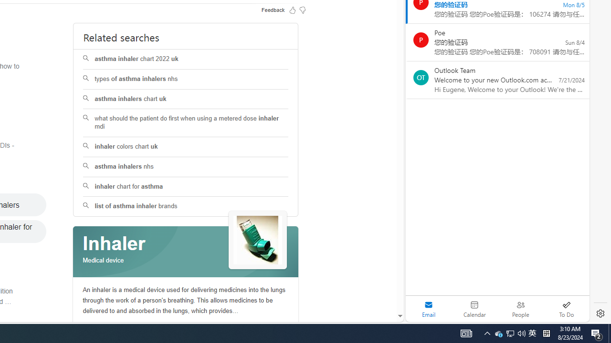 Image resolution: width=611 pixels, height=343 pixels. Describe the element at coordinates (186, 79) in the screenshot. I see `'types of asthma inhalers nhs'` at that location.